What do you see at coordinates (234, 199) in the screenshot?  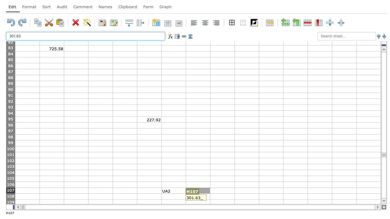 I see `bottom right corner of I108` at bounding box center [234, 199].